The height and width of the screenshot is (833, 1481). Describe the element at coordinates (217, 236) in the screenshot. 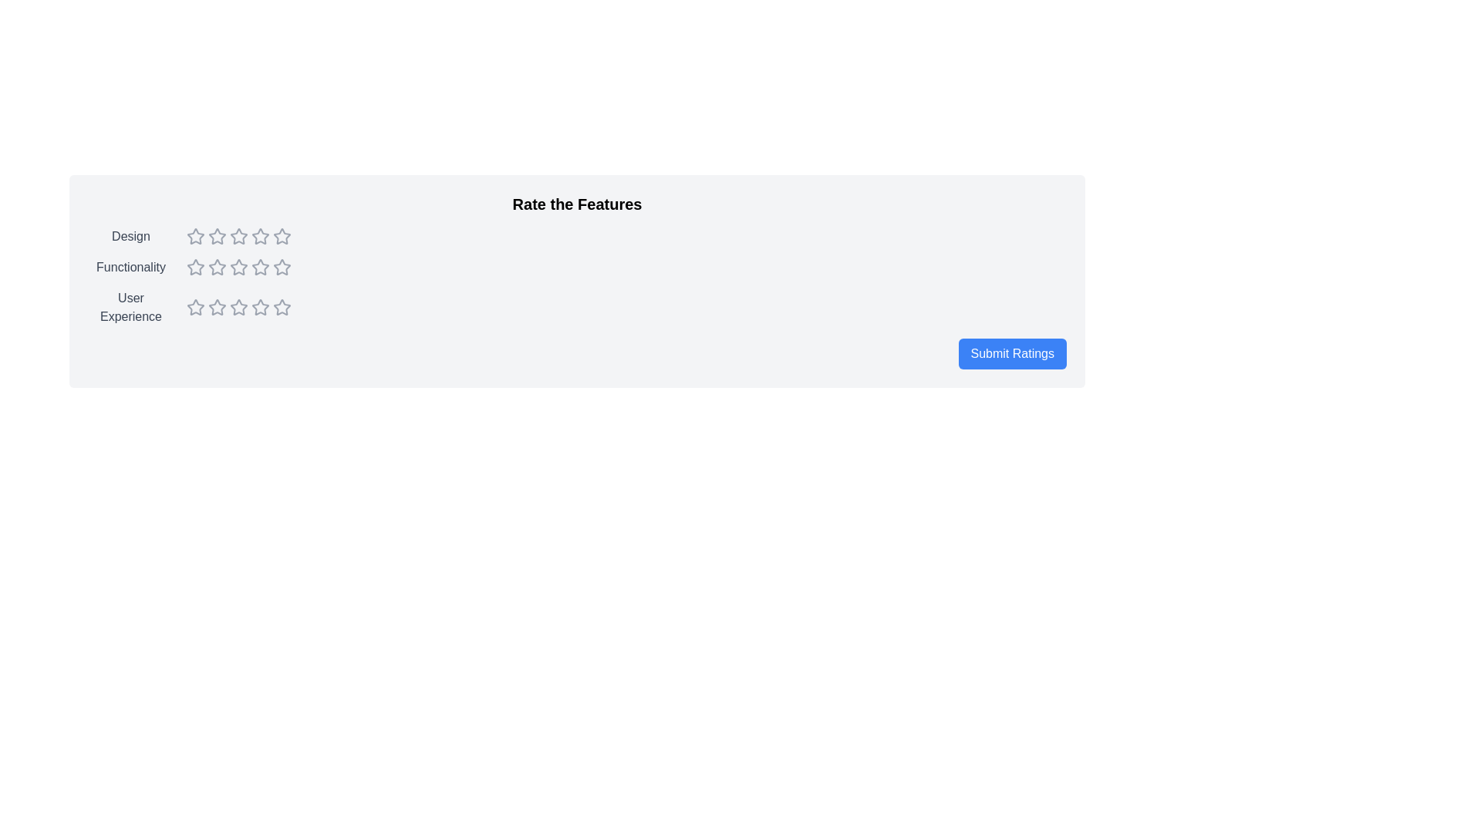

I see `the second star icon in the rating system using keyboard navigation` at that location.